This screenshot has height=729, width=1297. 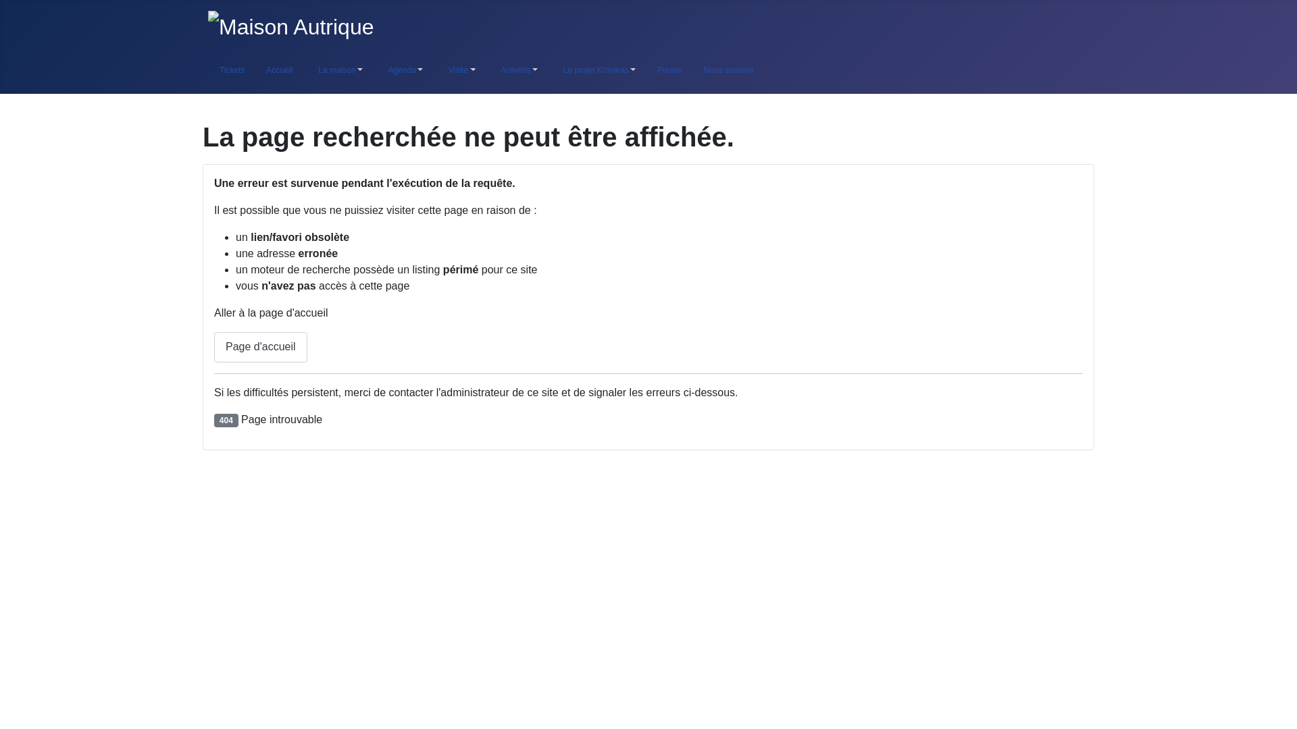 What do you see at coordinates (337, 70) in the screenshot?
I see `'La maison'` at bounding box center [337, 70].